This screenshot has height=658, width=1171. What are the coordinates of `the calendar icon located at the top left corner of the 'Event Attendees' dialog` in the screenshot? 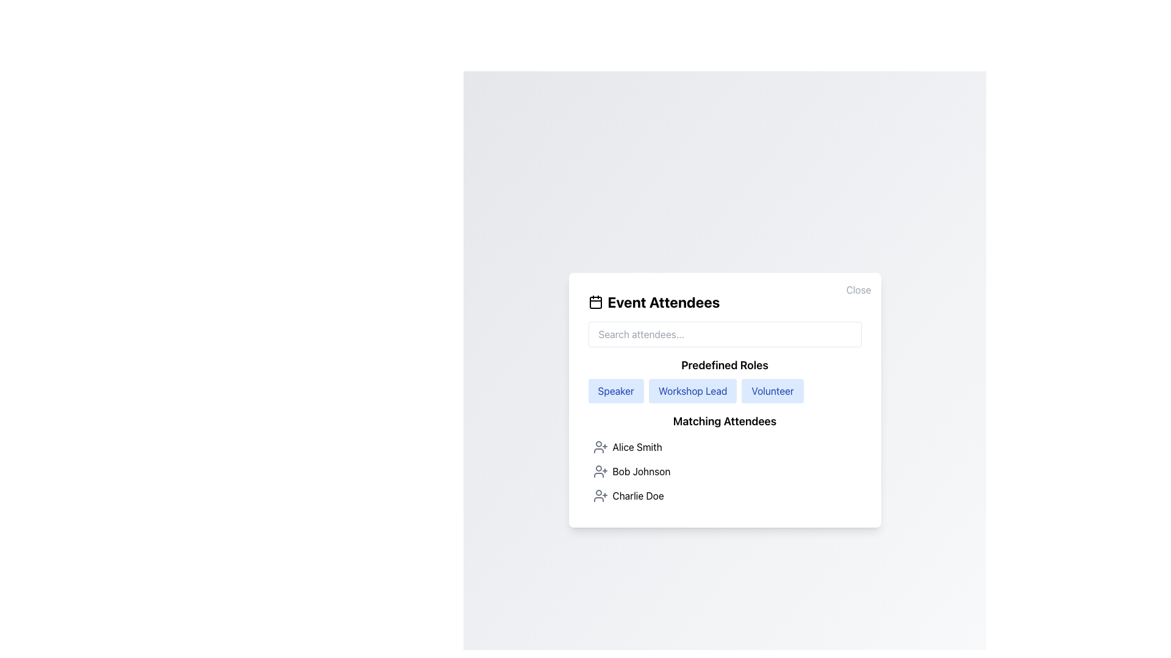 It's located at (595, 302).